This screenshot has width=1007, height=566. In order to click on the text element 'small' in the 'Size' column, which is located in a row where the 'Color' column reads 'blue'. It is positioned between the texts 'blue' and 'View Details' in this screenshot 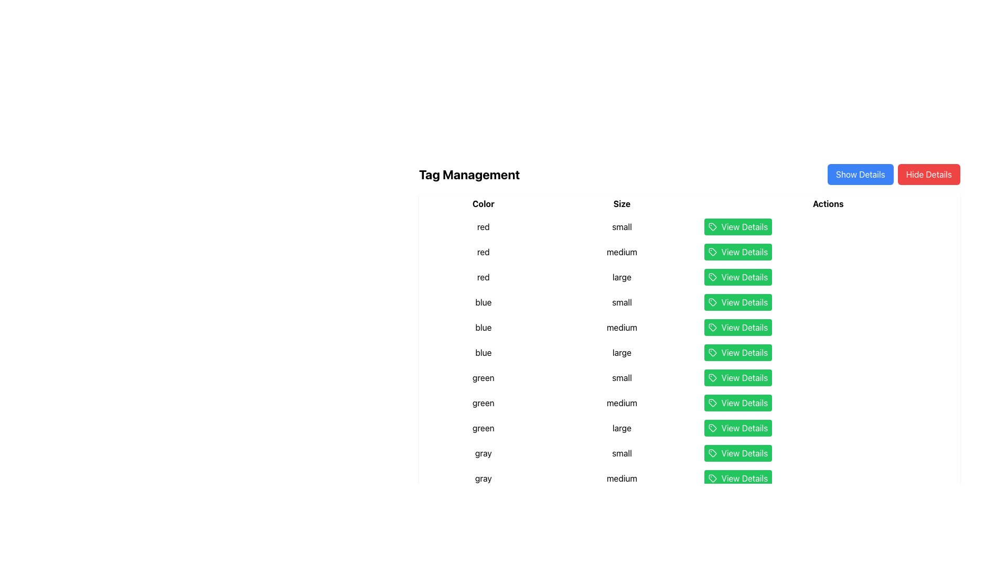, I will do `click(622, 302)`.